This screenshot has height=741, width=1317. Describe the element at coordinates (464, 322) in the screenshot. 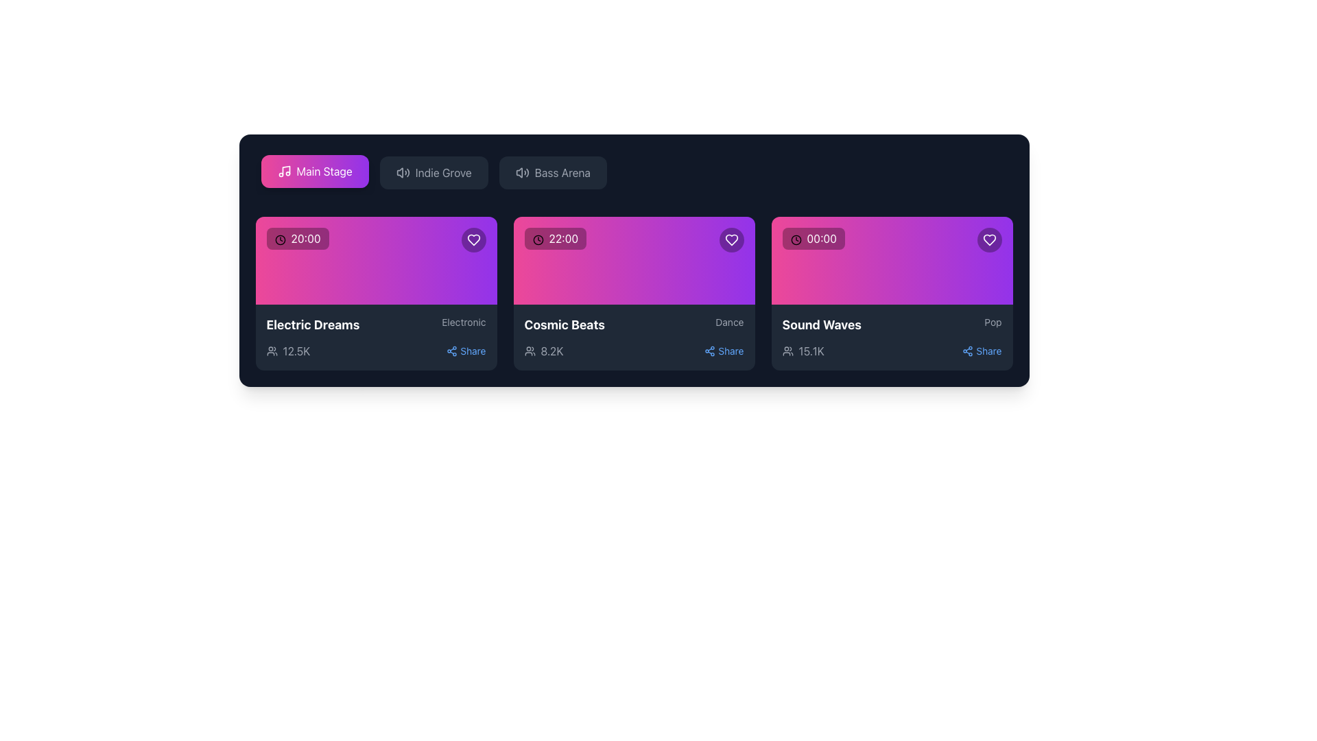

I see `the text label indicating the genre 'Electronic' located in the lower-right corner of the card for the event 'Electric Dreams'` at that location.